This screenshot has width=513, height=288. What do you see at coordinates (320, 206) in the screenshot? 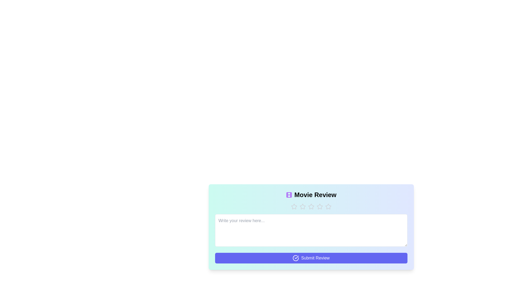
I see `the star corresponding to the desired rating 4` at bounding box center [320, 206].